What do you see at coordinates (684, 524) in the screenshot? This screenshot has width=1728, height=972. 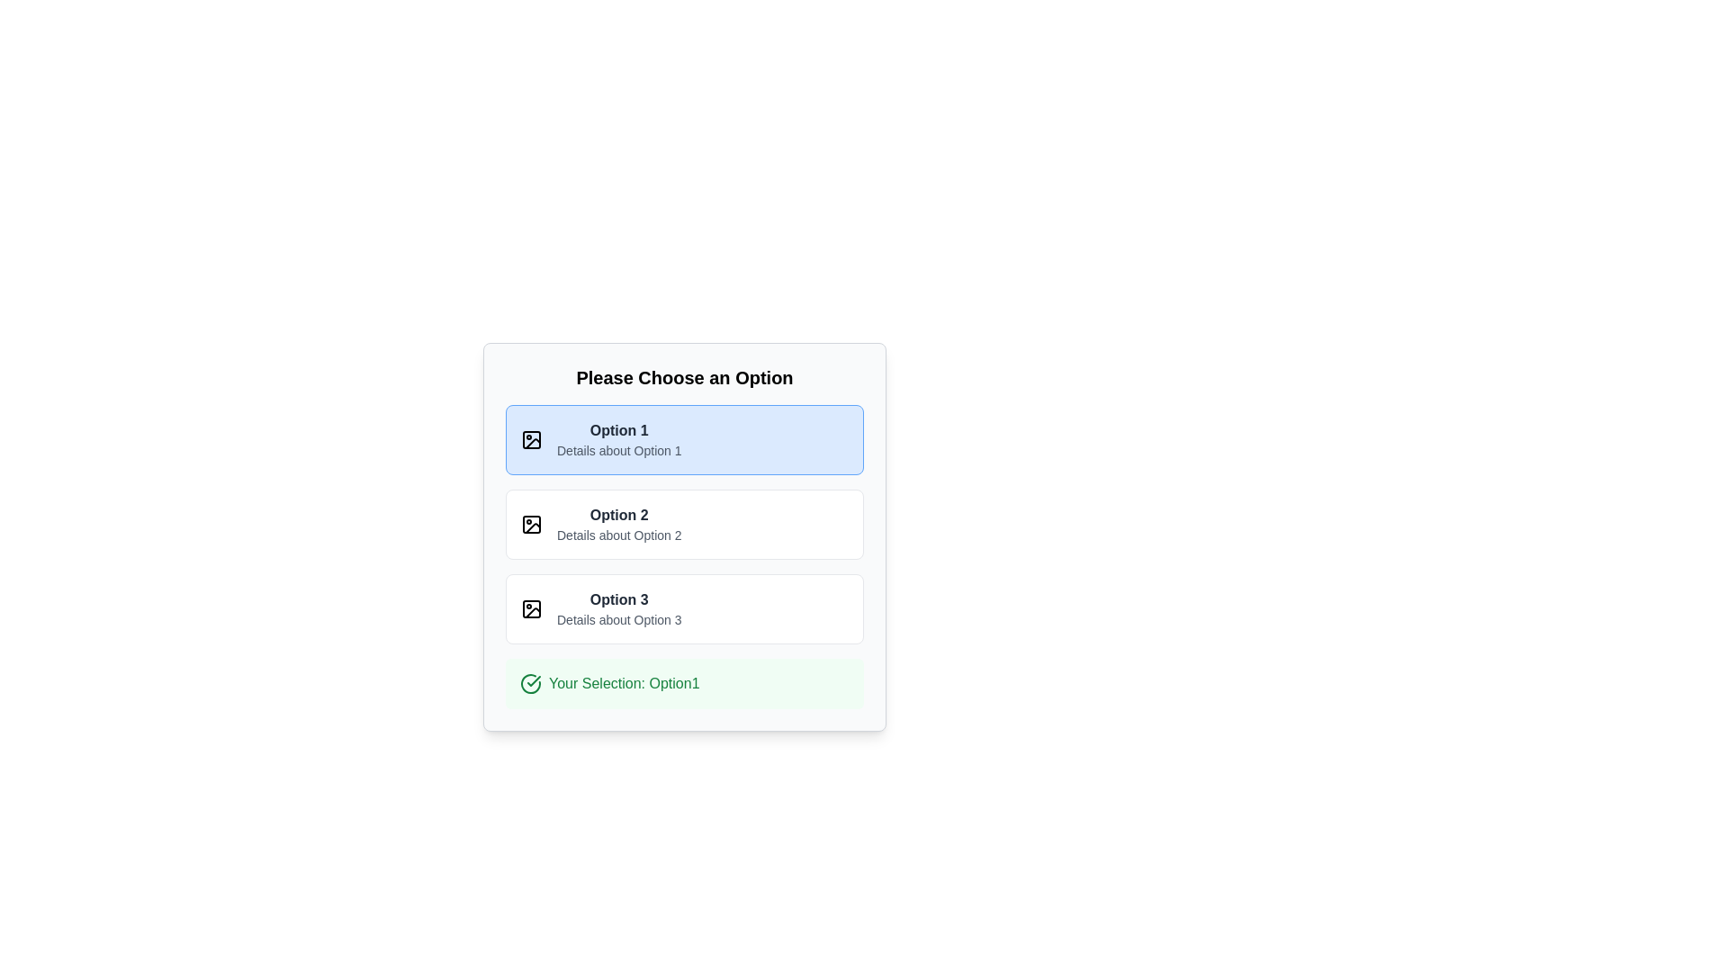 I see `the second item in the selectable list` at bounding box center [684, 524].